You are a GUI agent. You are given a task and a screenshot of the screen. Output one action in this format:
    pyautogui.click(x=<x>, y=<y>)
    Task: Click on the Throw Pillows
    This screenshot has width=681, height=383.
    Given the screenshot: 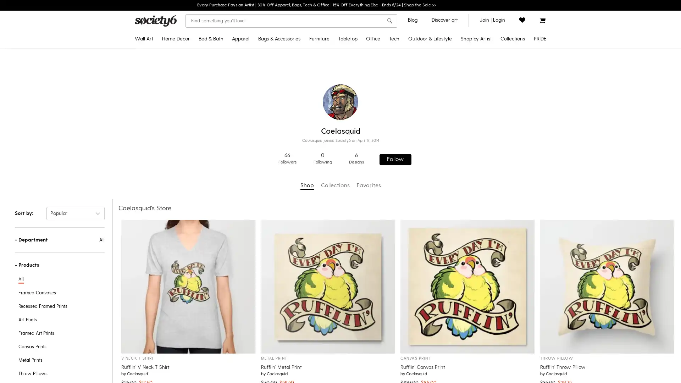 What is the action you would take?
    pyautogui.click(x=189, y=68)
    